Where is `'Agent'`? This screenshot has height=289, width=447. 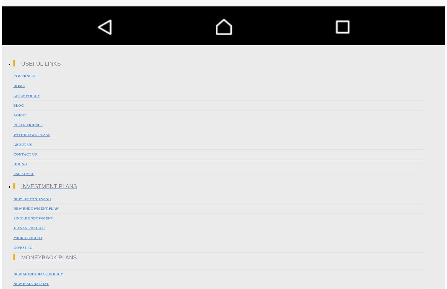 'Agent' is located at coordinates (20, 115).